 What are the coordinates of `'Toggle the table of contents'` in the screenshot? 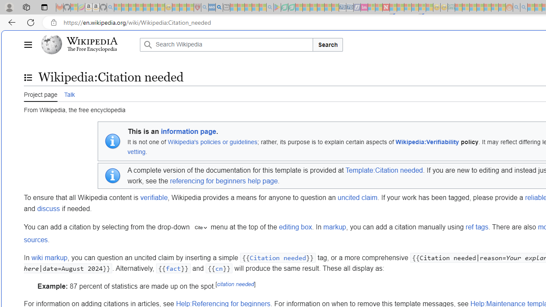 It's located at (28, 77).